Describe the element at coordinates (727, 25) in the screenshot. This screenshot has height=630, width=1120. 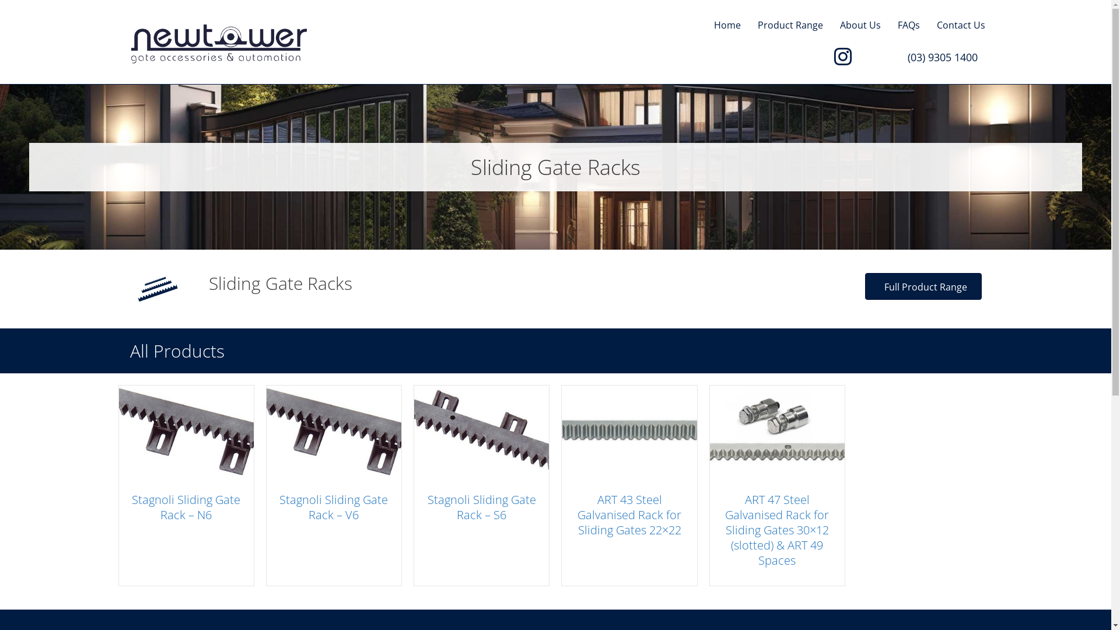
I see `'Home'` at that location.